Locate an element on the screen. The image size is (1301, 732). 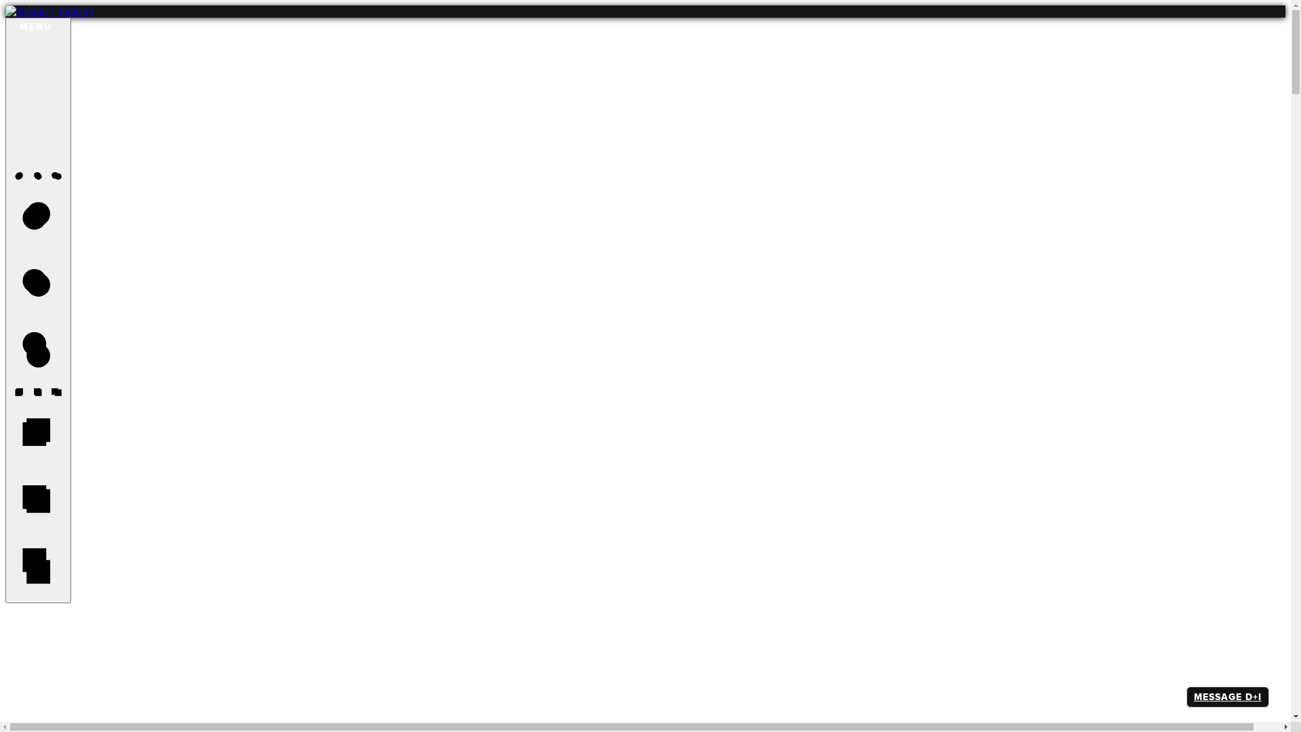
'MESSAGE D+I' is located at coordinates (1227, 697).